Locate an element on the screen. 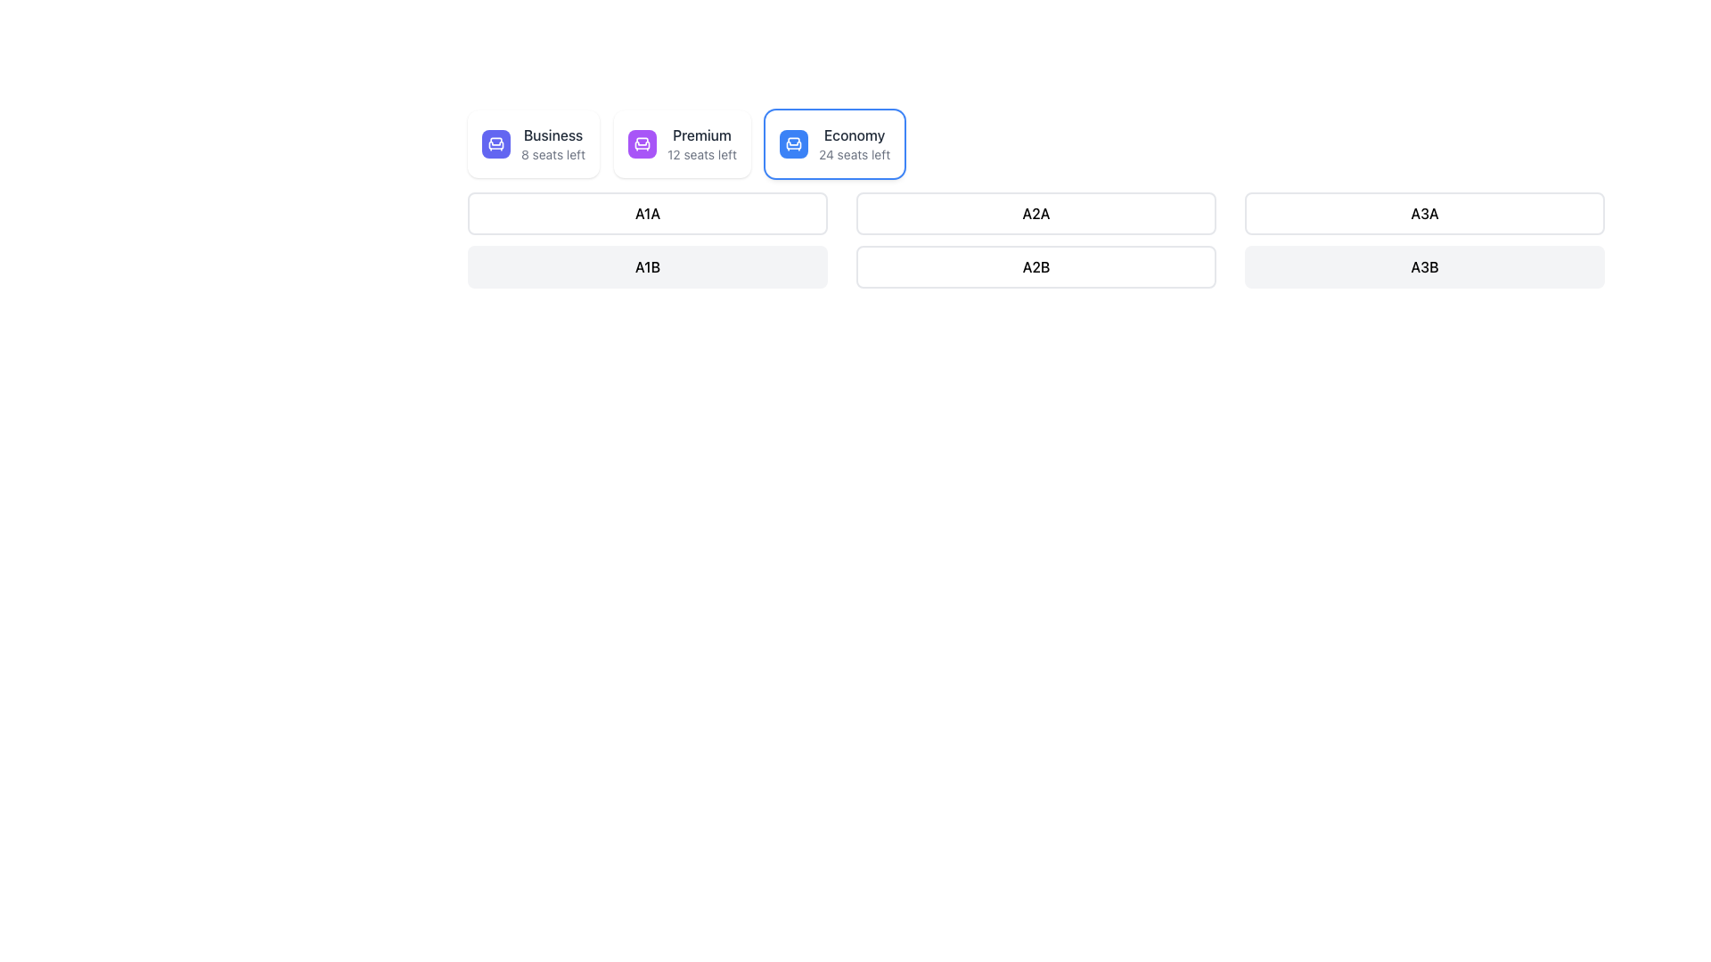 The height and width of the screenshot is (962, 1711). the vertical group of two interactive buttons that includes options 'A2A' and 'A2B', located between the groups with buttons labeled 'A1A' and 'A1B' on the left and 'A3A' and 'A3B' on the right is located at coordinates (1036, 243).